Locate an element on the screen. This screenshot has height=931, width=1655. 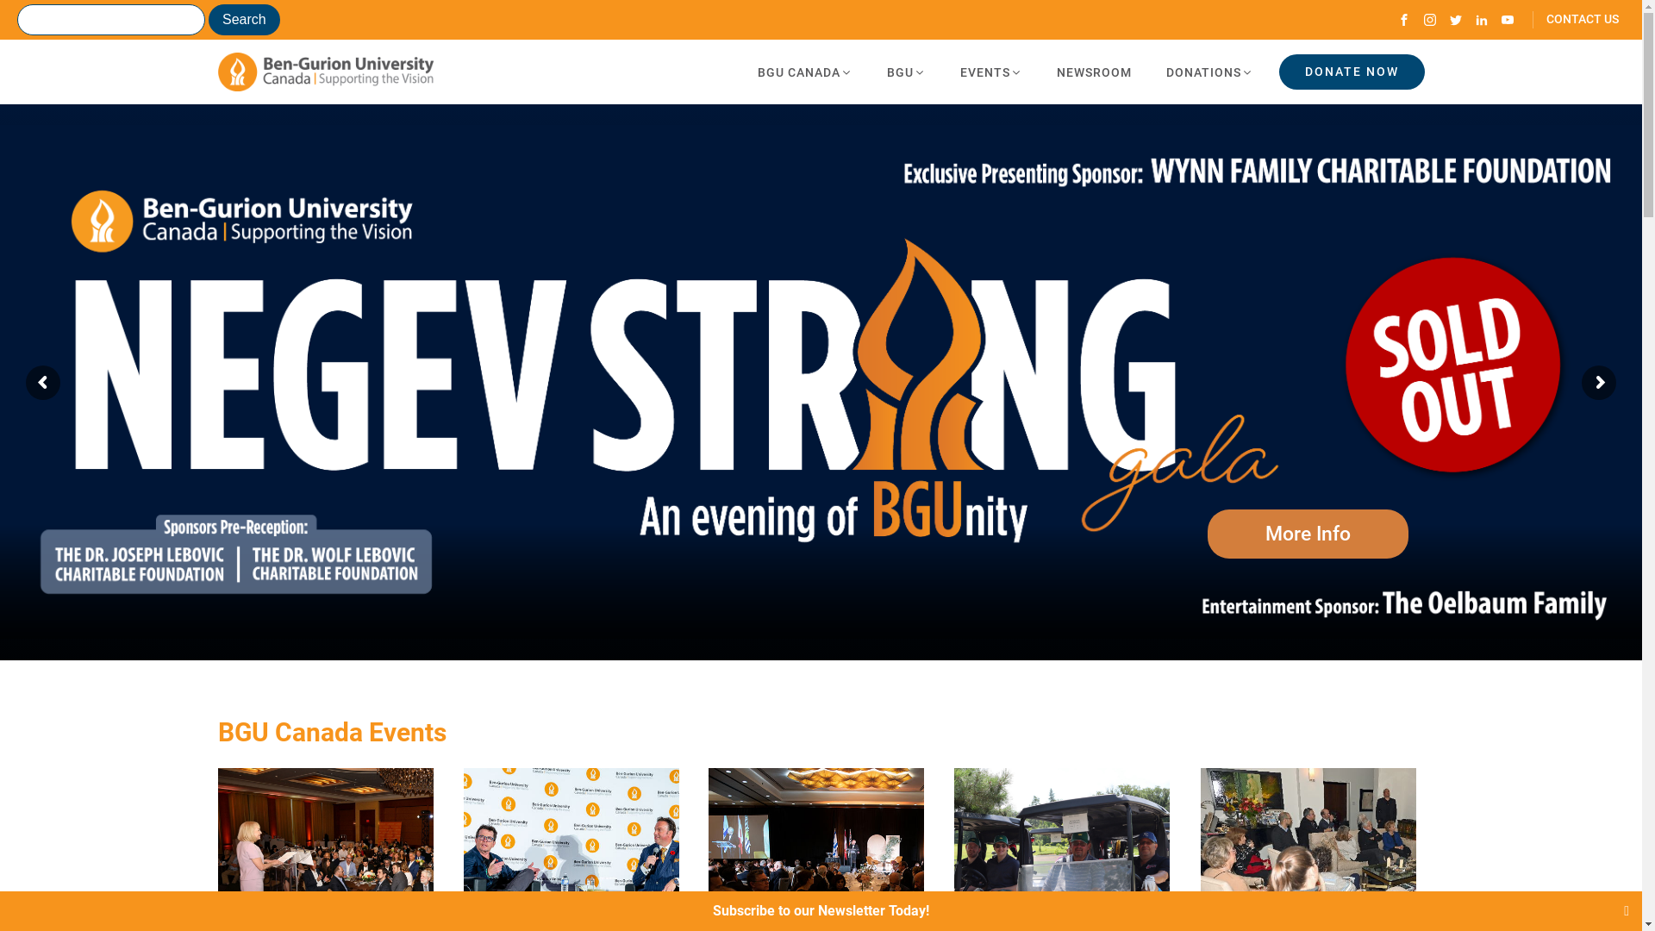
'BGU' is located at coordinates (869, 72).